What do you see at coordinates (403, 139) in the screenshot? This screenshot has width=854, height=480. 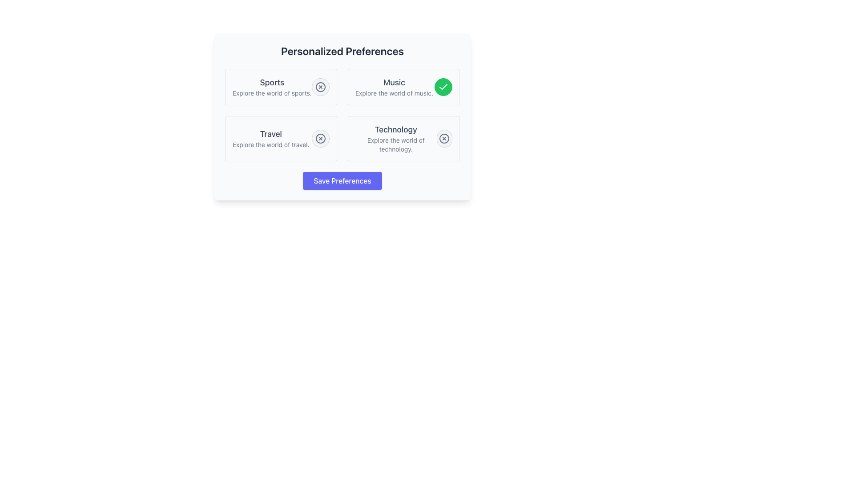 I see `text information from the 'Technology' Selectable Option Card located at the bottom-right corner of the grid` at bounding box center [403, 139].